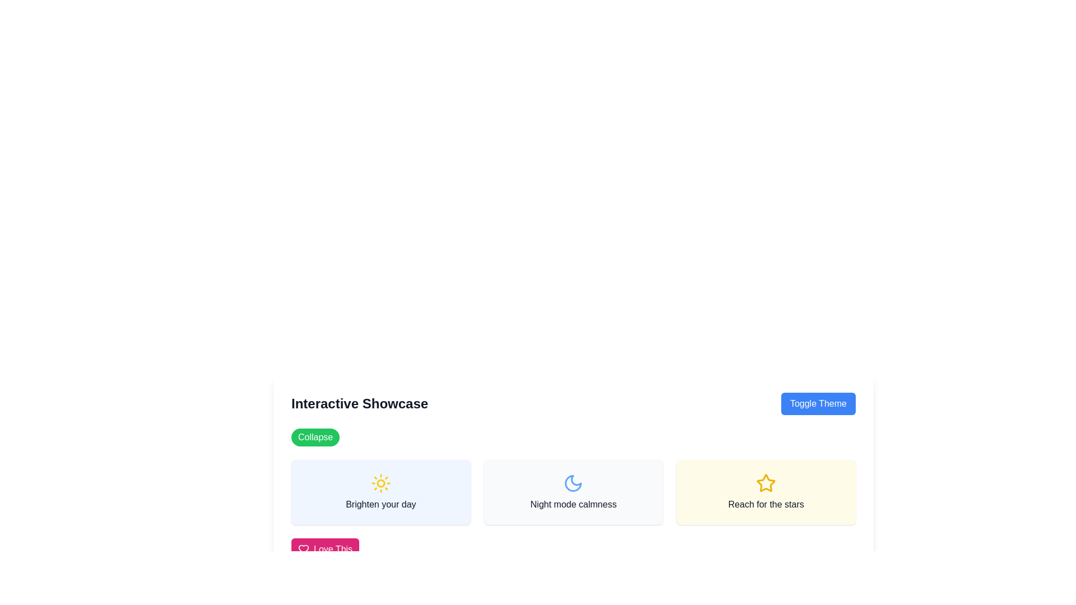 The width and height of the screenshot is (1076, 605). What do you see at coordinates (381, 483) in the screenshot?
I see `the SVG Circle that represents the central component of the sun icon in the first interactive card labeled 'Brighten your day'` at bounding box center [381, 483].